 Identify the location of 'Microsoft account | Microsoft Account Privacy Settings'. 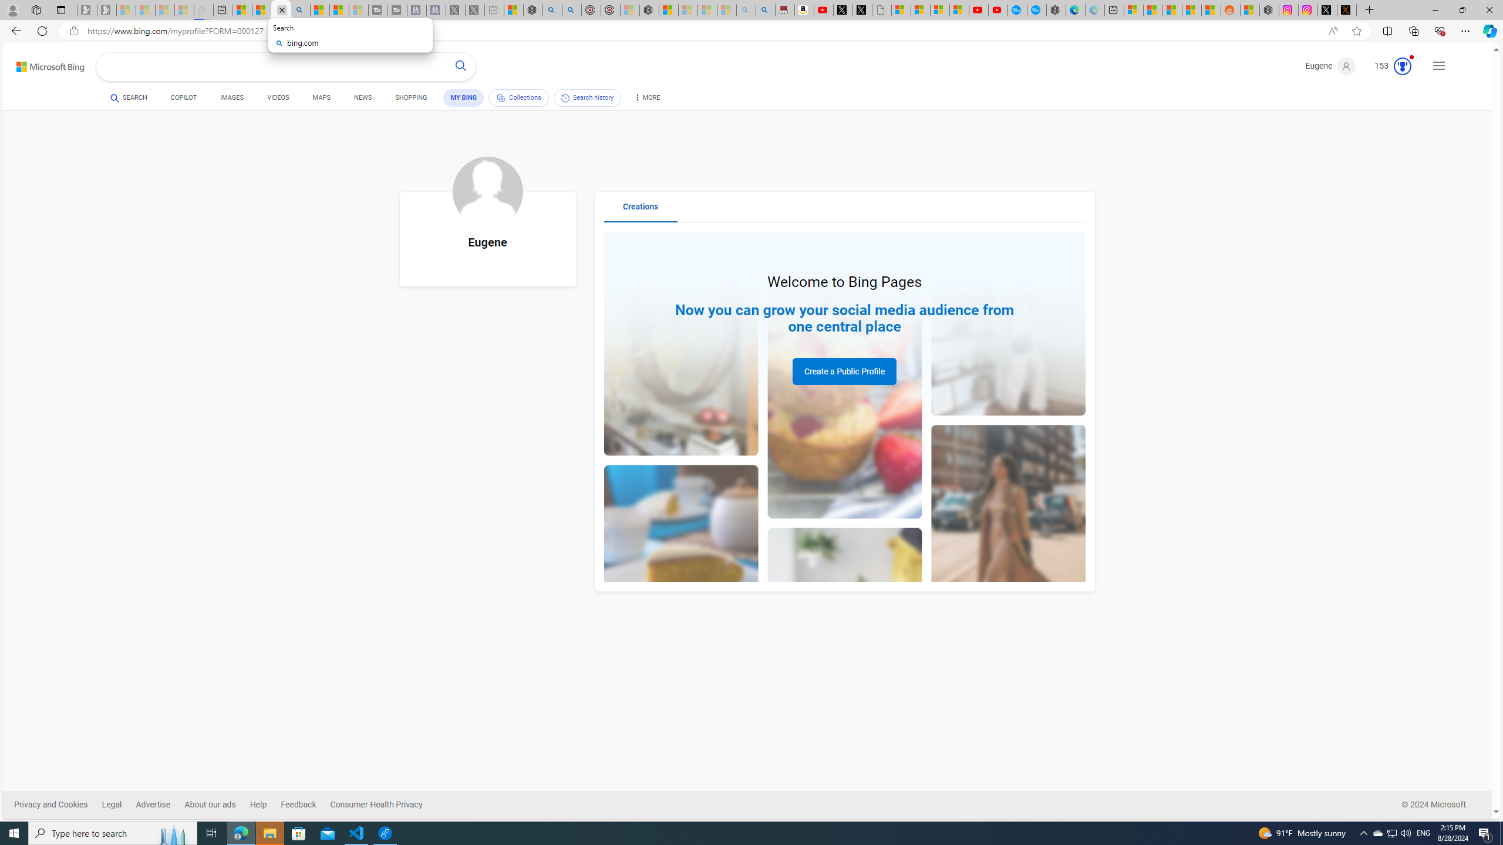
(1134, 9).